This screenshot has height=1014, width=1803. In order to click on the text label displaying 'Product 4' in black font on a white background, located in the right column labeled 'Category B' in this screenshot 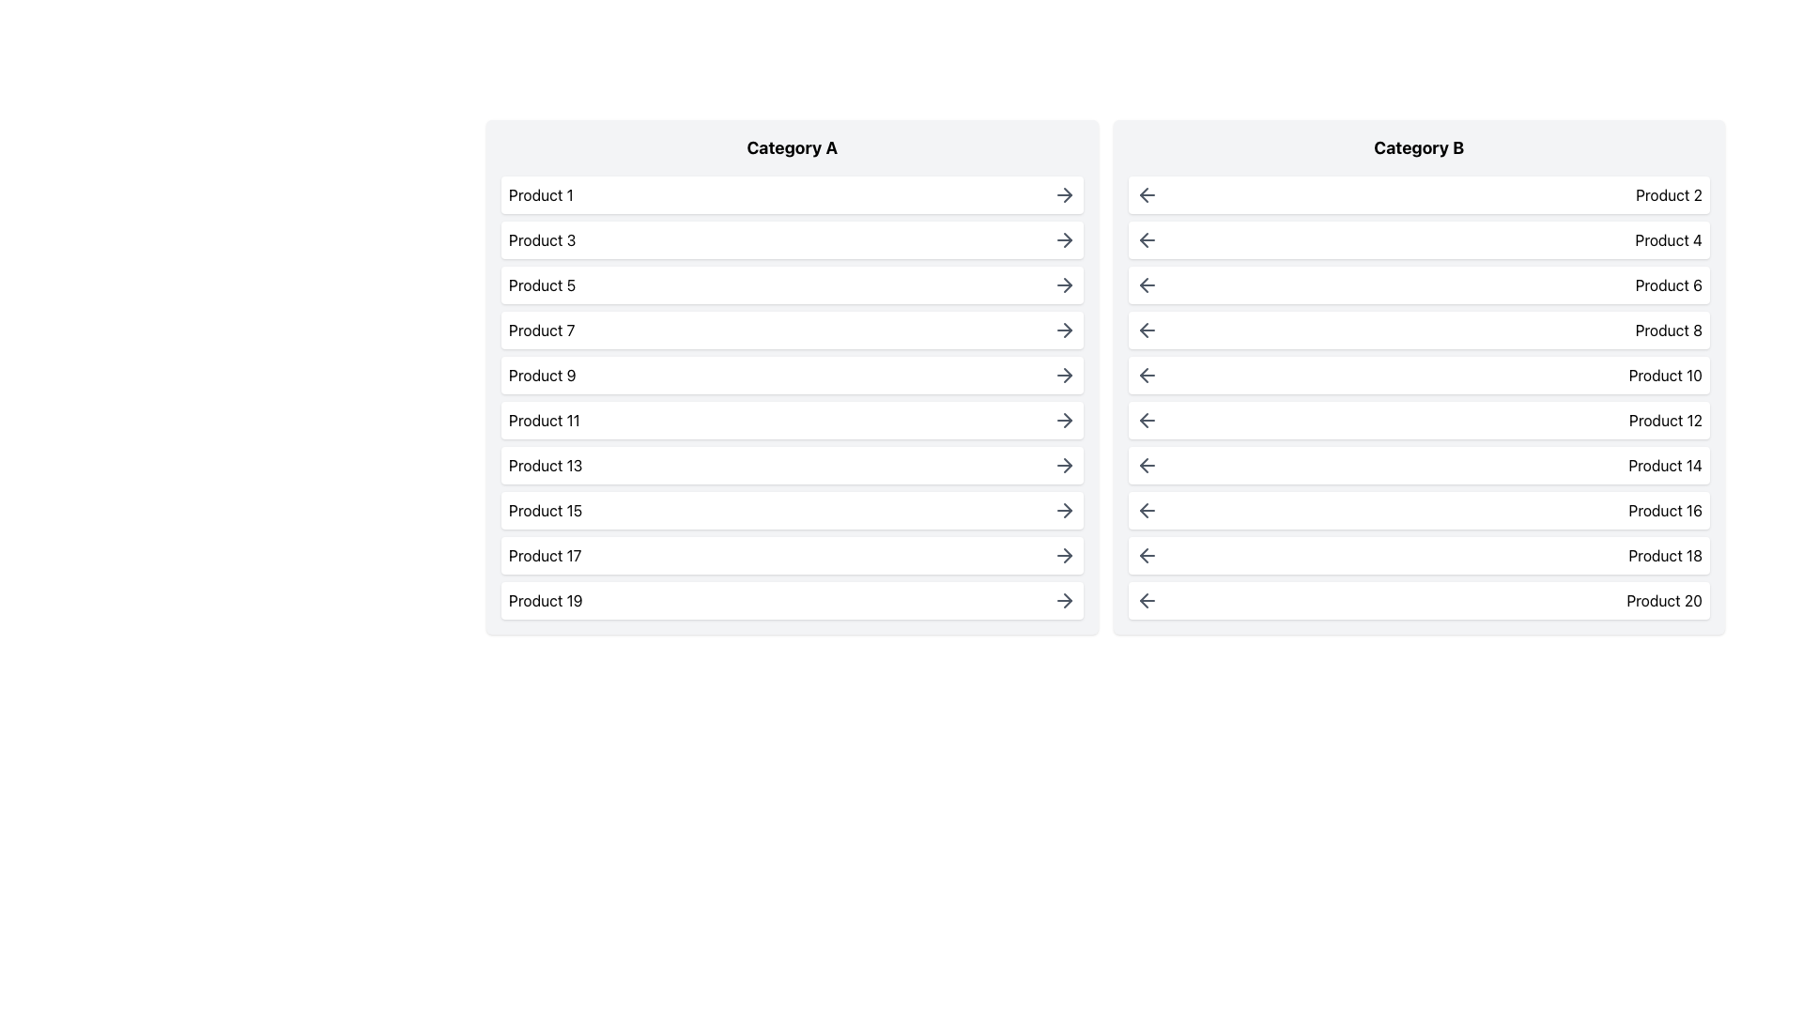, I will do `click(1669, 238)`.